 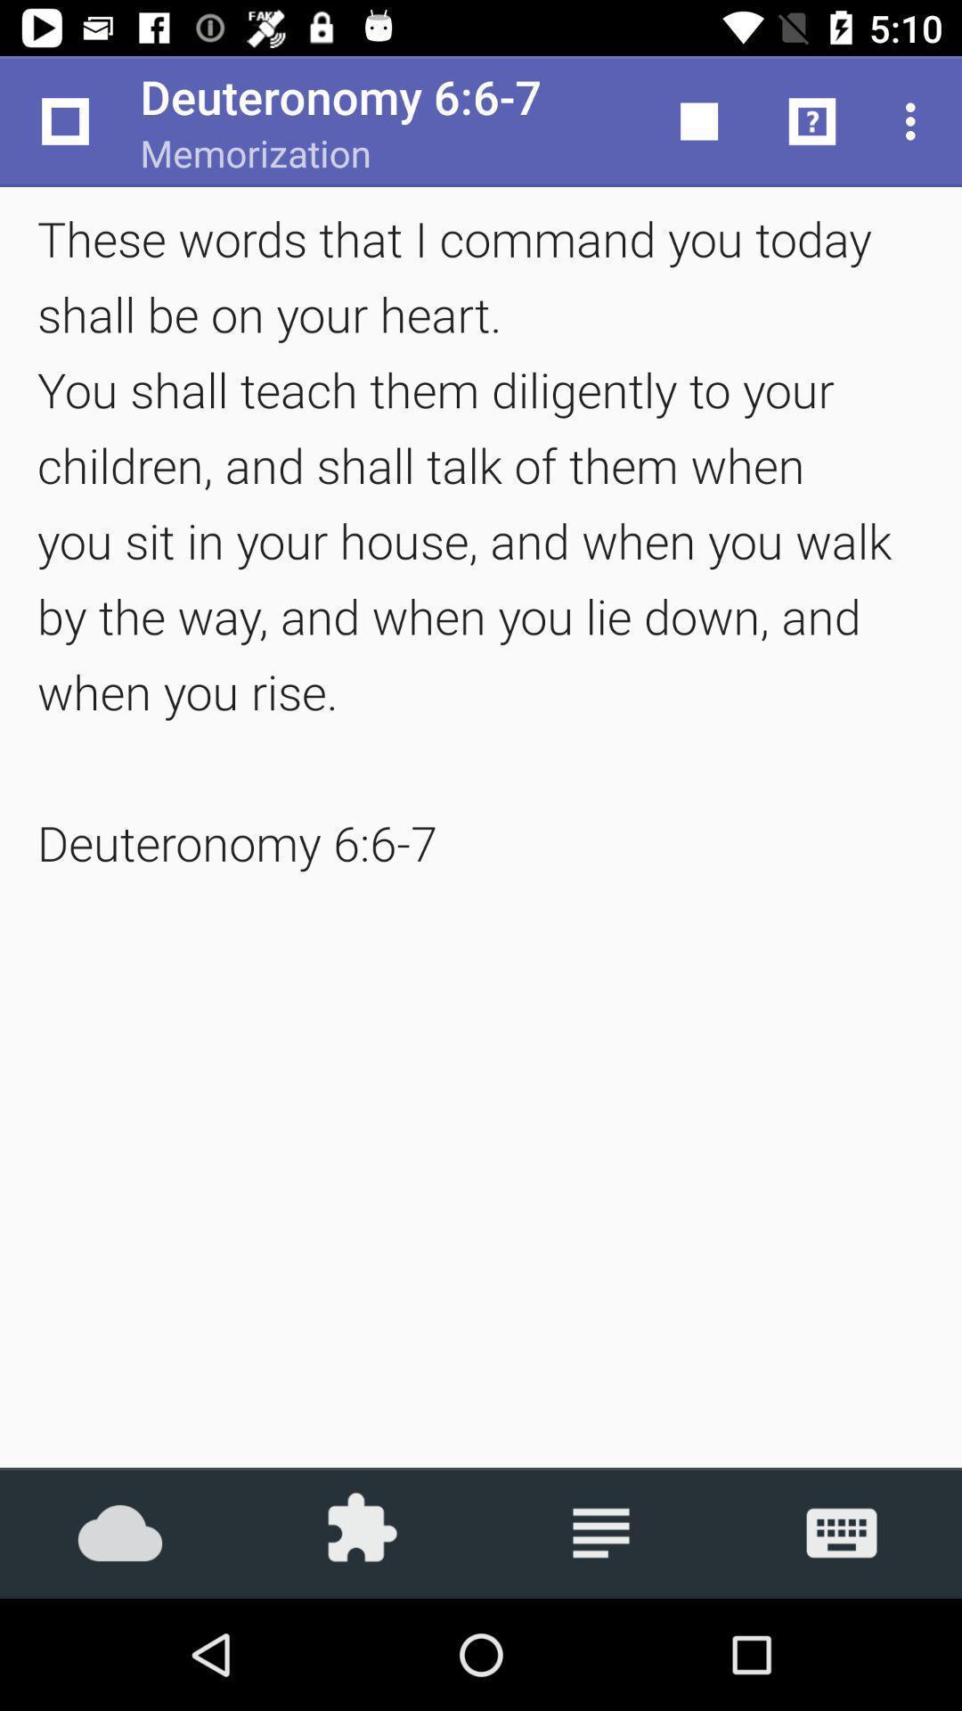 What do you see at coordinates (361, 1532) in the screenshot?
I see `item below the these words that` at bounding box center [361, 1532].